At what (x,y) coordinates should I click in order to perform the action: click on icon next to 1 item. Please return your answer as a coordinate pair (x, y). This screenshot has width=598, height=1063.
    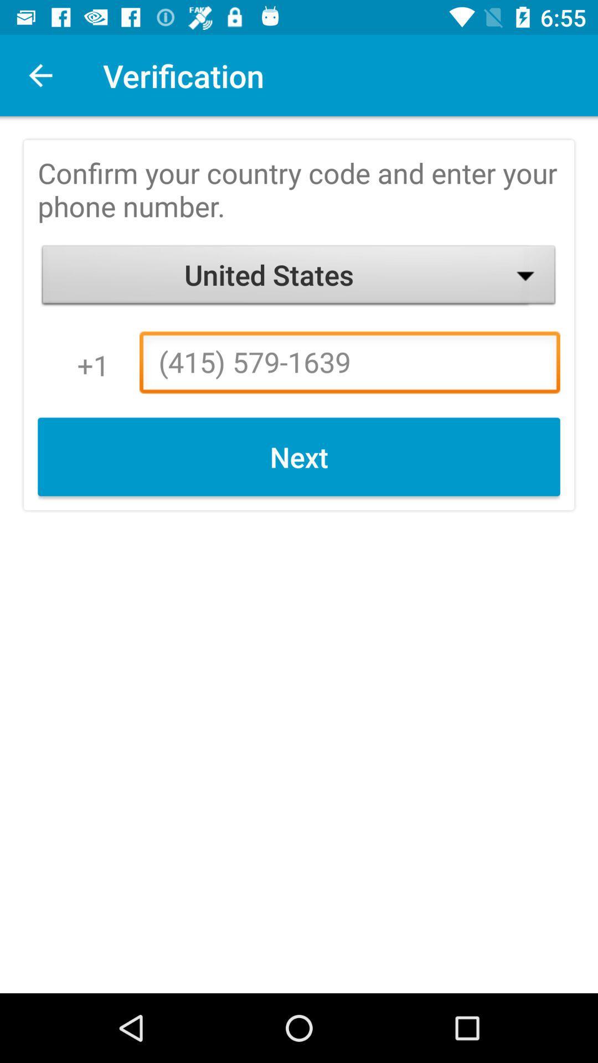
    Looking at the image, I should click on (349, 365).